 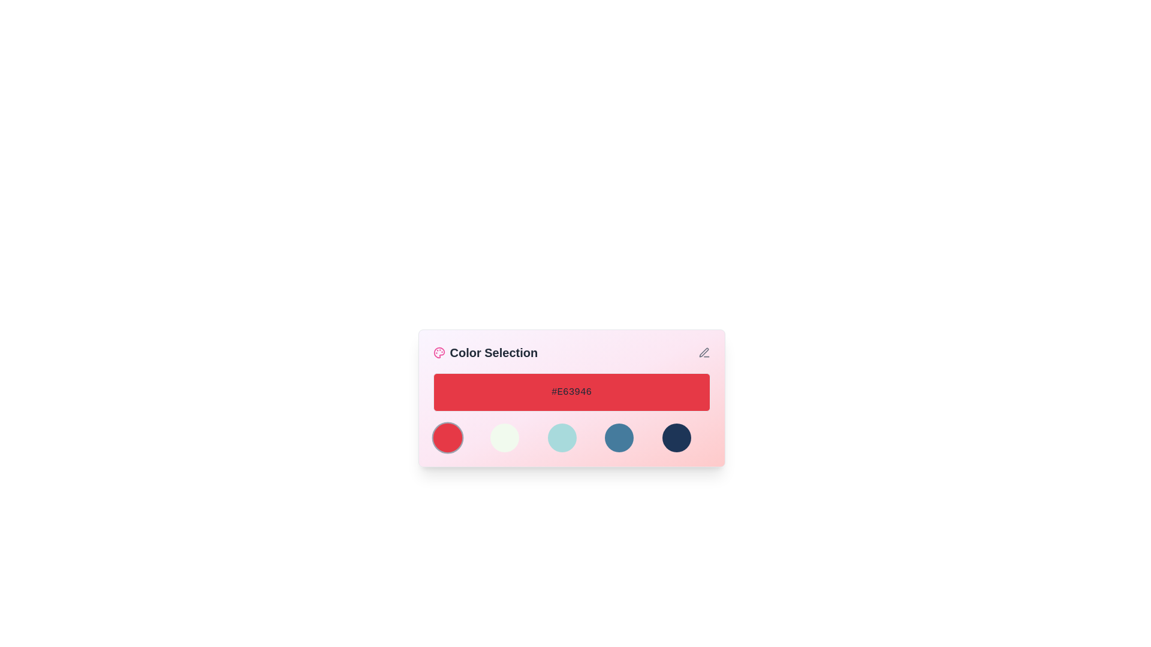 I want to click on the second circular Selectable Color Button with a light green background, so click(x=505, y=438).